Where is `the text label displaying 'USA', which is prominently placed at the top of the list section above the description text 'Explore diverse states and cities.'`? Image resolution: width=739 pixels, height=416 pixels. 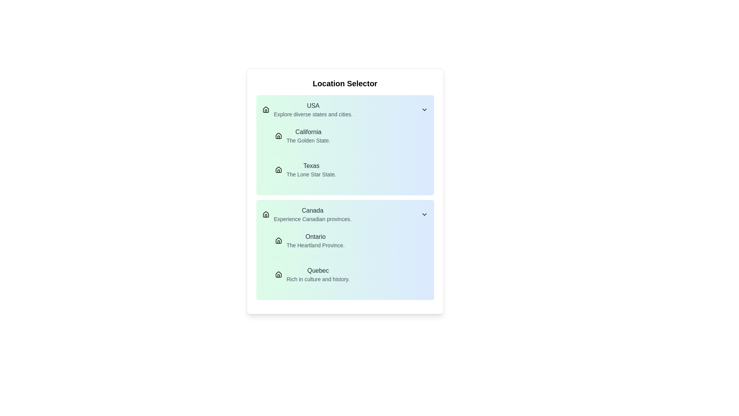 the text label displaying 'USA', which is prominently placed at the top of the list section above the description text 'Explore diverse states and cities.' is located at coordinates (313, 106).